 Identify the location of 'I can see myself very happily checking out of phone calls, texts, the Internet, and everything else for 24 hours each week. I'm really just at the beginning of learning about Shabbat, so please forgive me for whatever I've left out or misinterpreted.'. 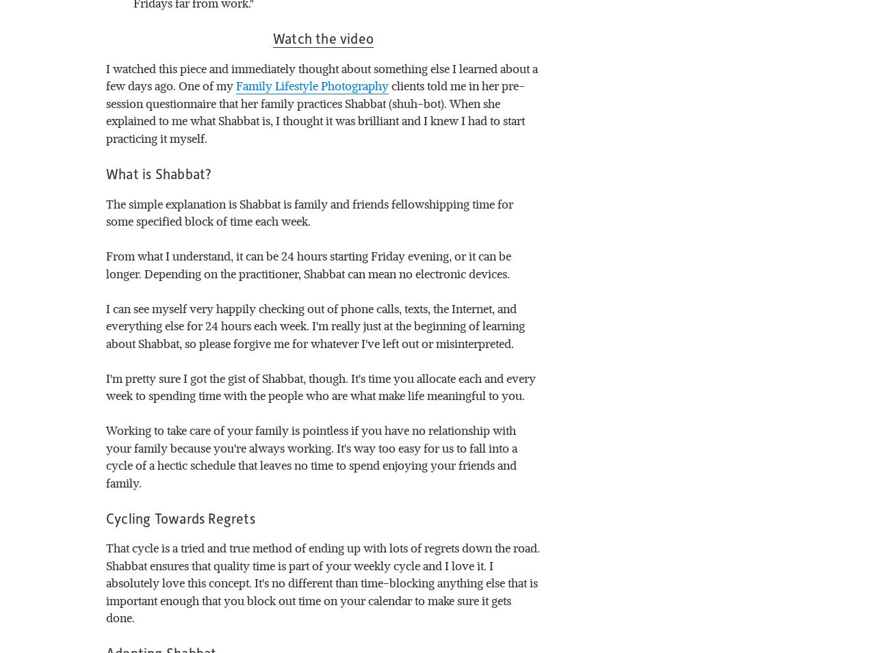
(315, 324).